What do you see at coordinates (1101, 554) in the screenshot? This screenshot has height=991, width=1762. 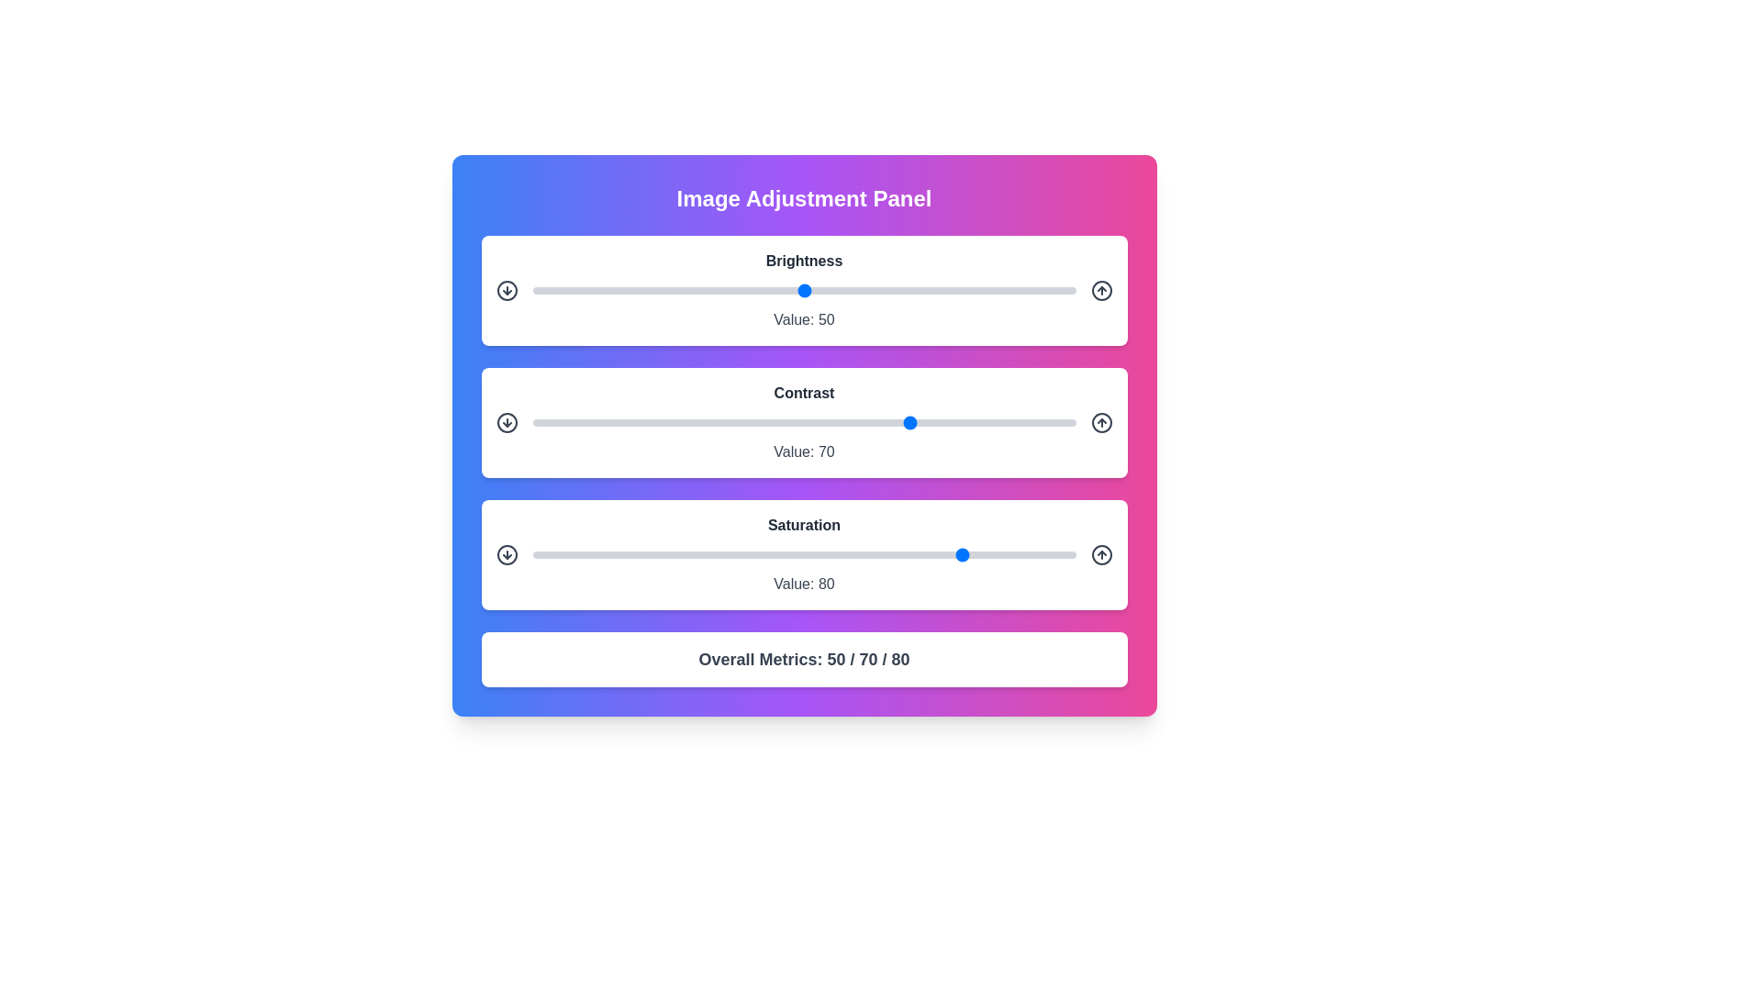 I see `the circular button with an upward-pointing arrow located in the 'Saturation' section, adjacent to the numeric value display` at bounding box center [1101, 554].